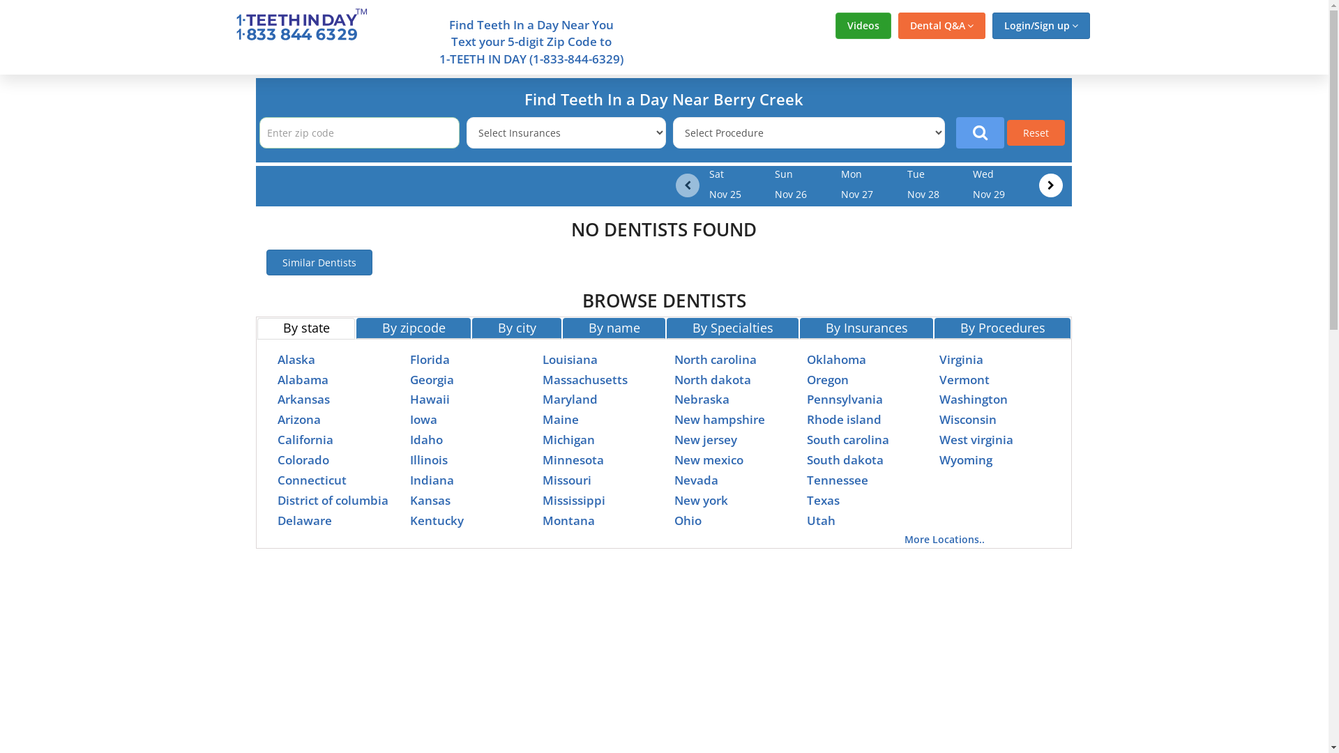  Describe the element at coordinates (674, 358) in the screenshot. I see `'North carolina'` at that location.